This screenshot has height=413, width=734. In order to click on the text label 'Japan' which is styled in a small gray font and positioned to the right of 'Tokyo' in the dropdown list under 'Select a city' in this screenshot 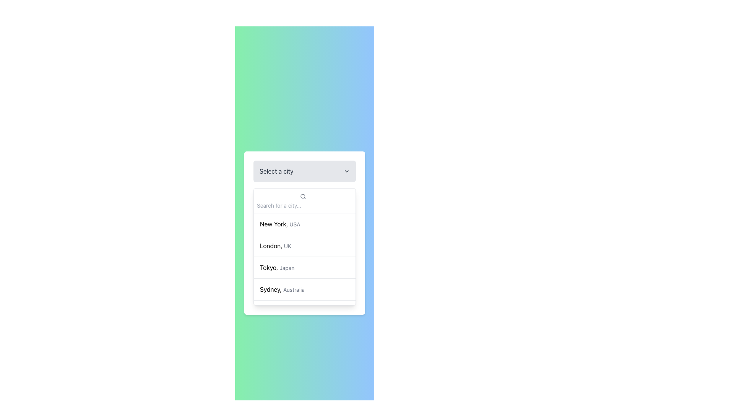, I will do `click(286, 267)`.